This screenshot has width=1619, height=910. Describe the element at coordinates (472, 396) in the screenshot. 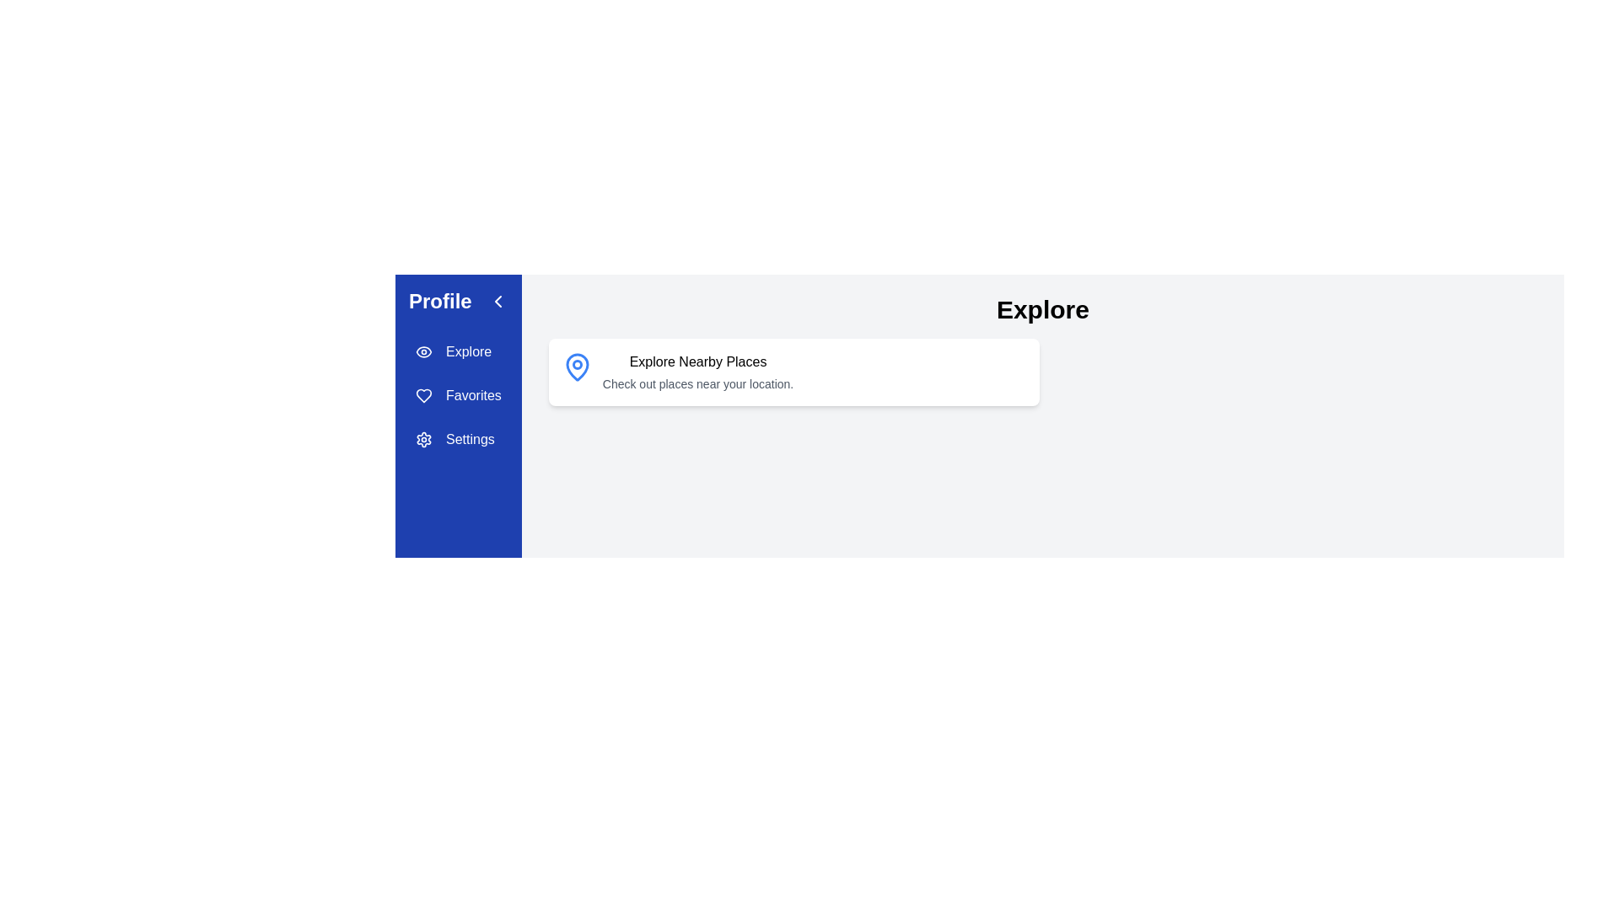

I see `the 'Favorites' menu label` at that location.